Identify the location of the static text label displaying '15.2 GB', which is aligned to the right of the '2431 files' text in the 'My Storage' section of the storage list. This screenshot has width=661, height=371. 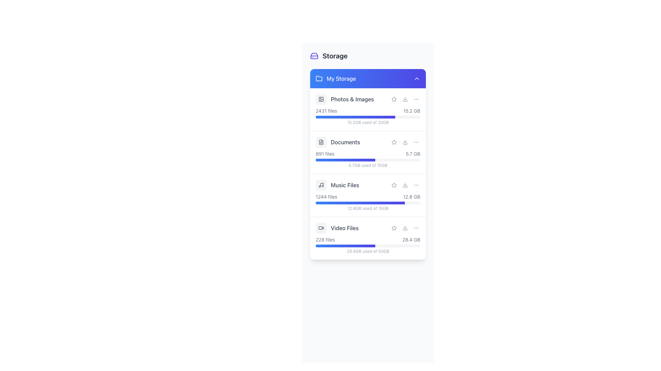
(412, 111).